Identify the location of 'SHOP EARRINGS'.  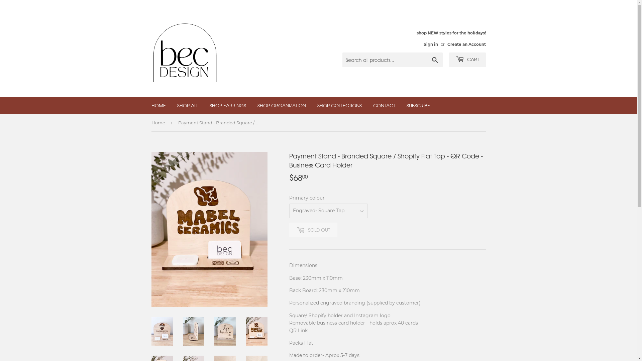
(228, 105).